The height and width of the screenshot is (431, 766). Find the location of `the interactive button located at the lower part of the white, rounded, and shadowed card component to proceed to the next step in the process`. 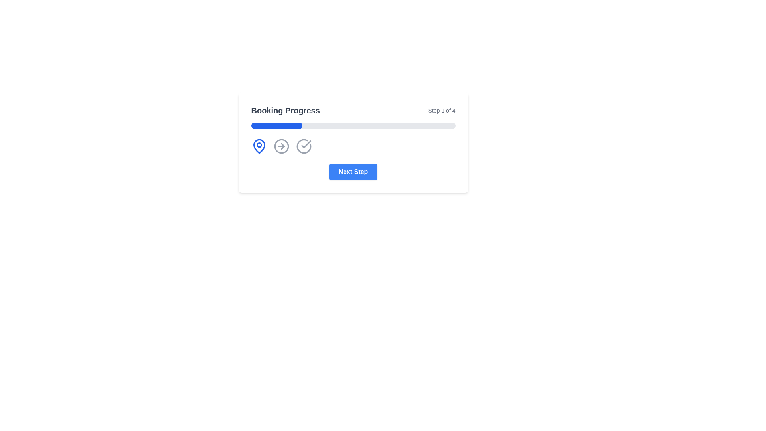

the interactive button located at the lower part of the white, rounded, and shadowed card component to proceed to the next step in the process is located at coordinates (353, 172).